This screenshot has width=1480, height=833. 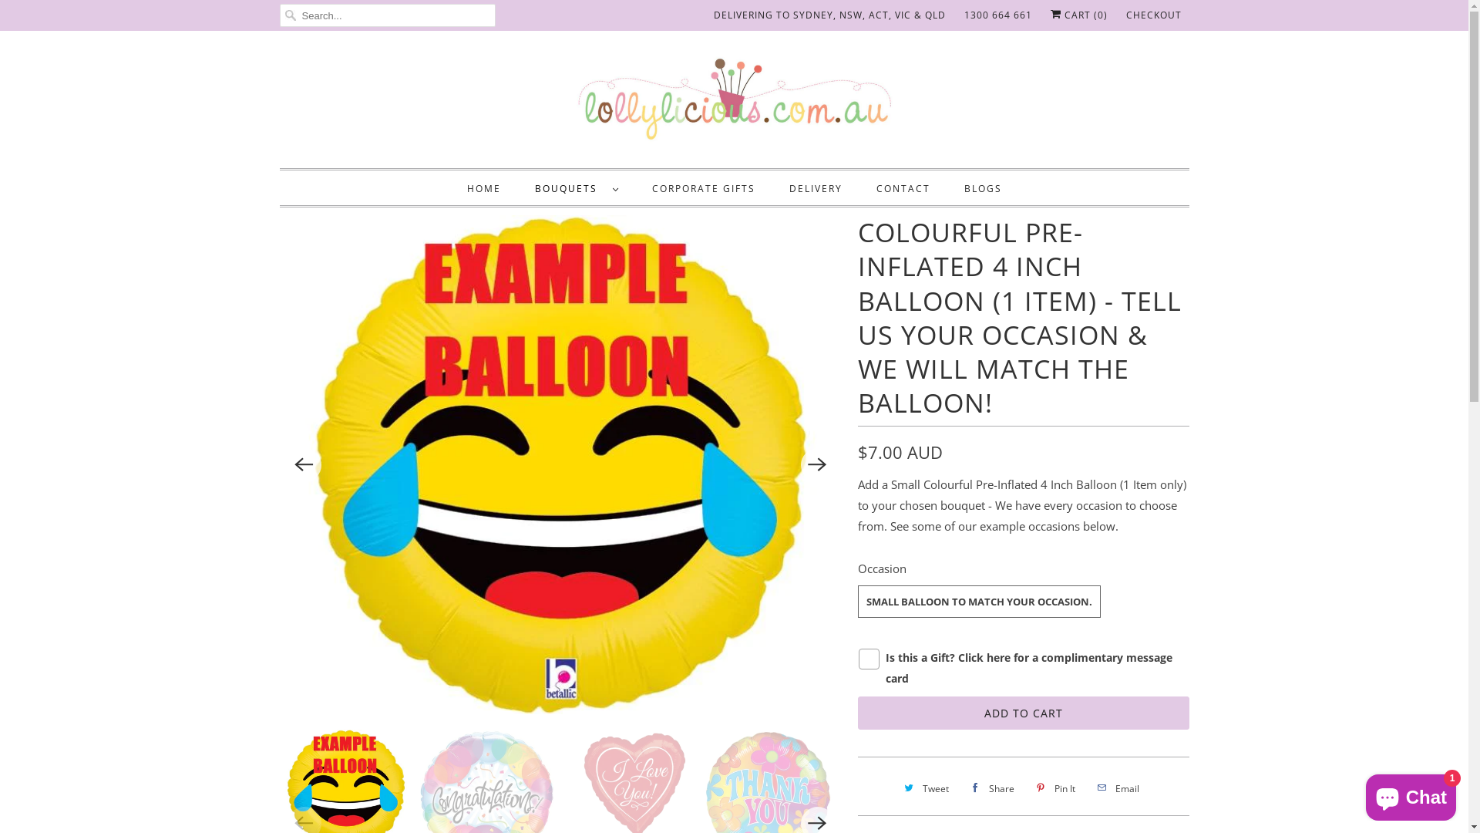 I want to click on 'DELIVERY', so click(x=815, y=187).